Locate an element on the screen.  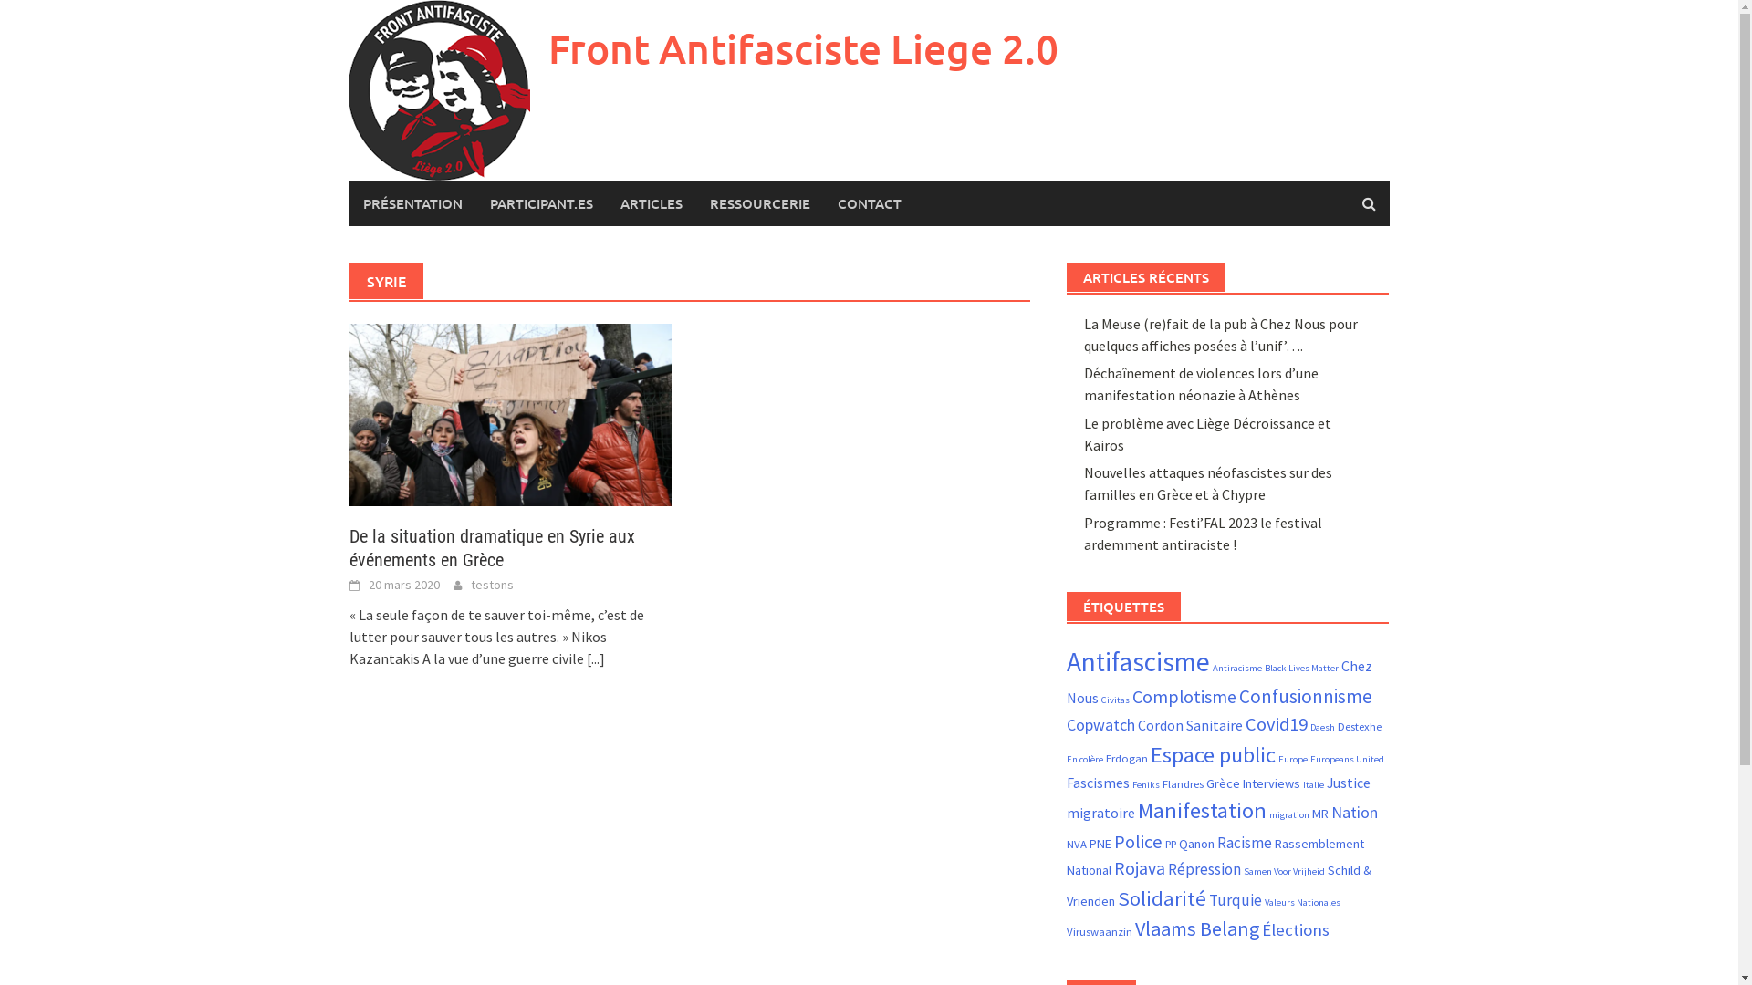
'Chez Nous' is located at coordinates (1219, 681).